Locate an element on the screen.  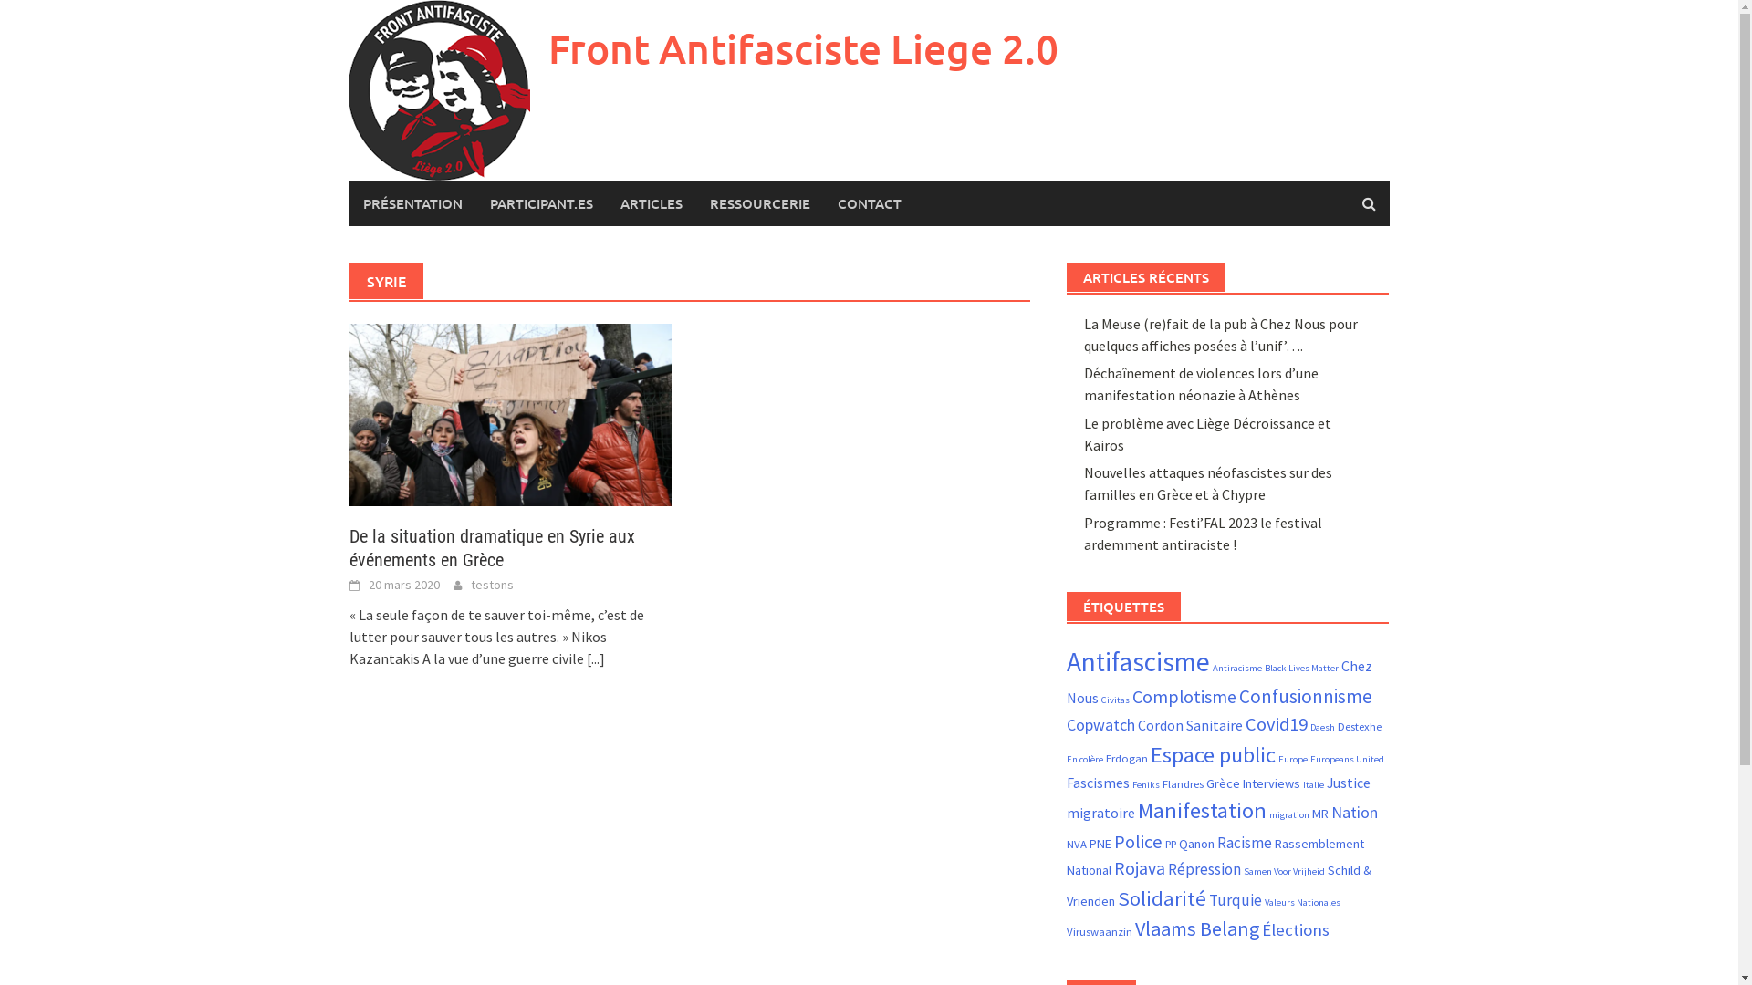
'Chez Nous' is located at coordinates (1219, 681).